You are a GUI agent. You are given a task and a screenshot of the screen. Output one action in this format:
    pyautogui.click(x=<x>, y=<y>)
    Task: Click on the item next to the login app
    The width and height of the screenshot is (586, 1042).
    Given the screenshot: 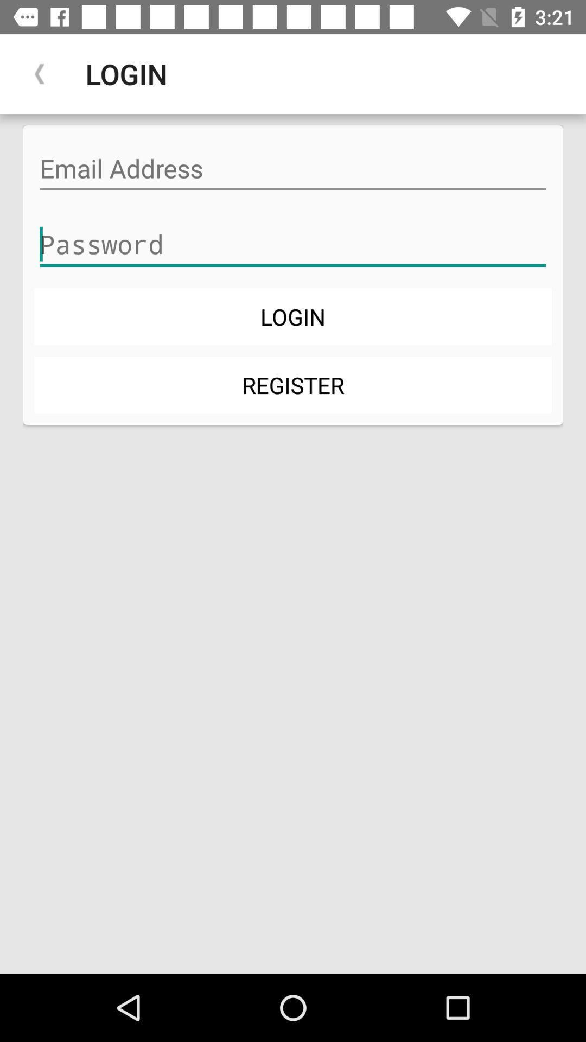 What is the action you would take?
    pyautogui.click(x=39, y=73)
    